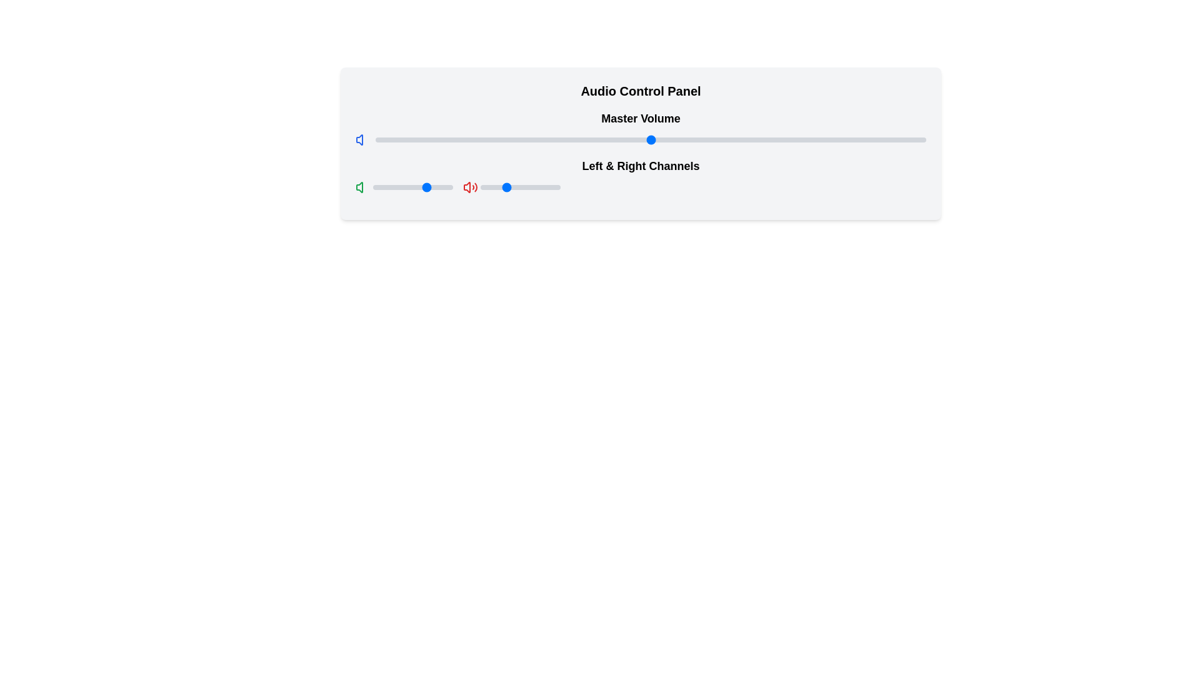 This screenshot has height=675, width=1200. Describe the element at coordinates (413, 187) in the screenshot. I see `the left-right channel balance` at that location.